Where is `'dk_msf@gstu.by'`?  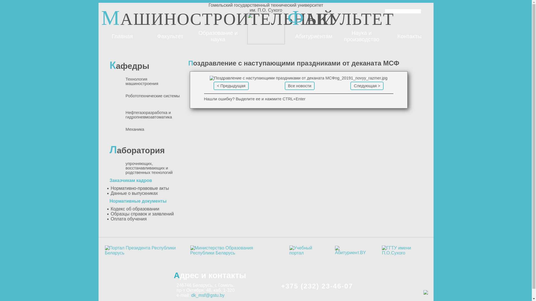
'dk_msf@gstu.by' is located at coordinates (207, 295).